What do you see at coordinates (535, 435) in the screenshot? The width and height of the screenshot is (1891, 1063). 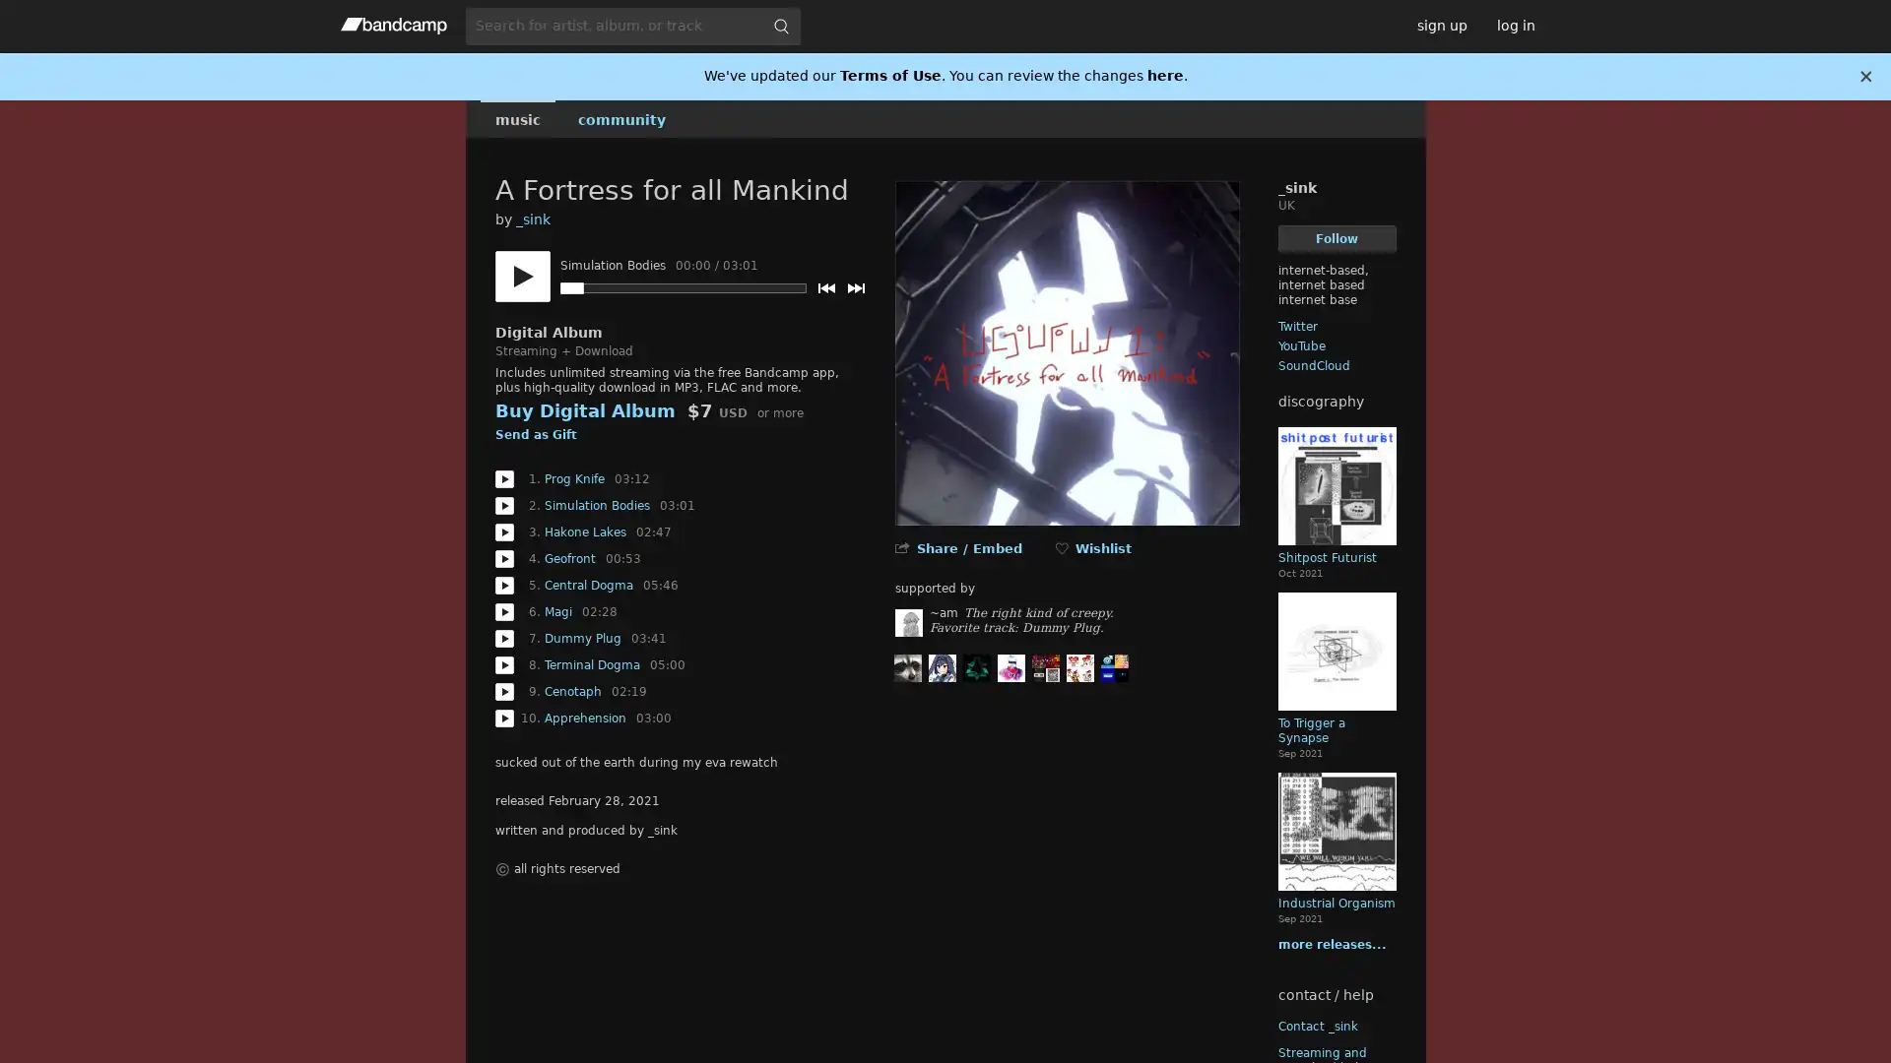 I see `Send as Gift` at bounding box center [535, 435].